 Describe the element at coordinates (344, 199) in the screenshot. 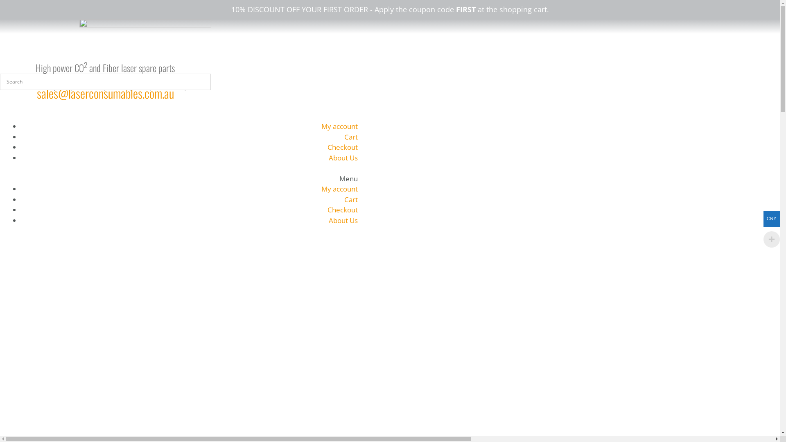

I see `'Cart'` at that location.